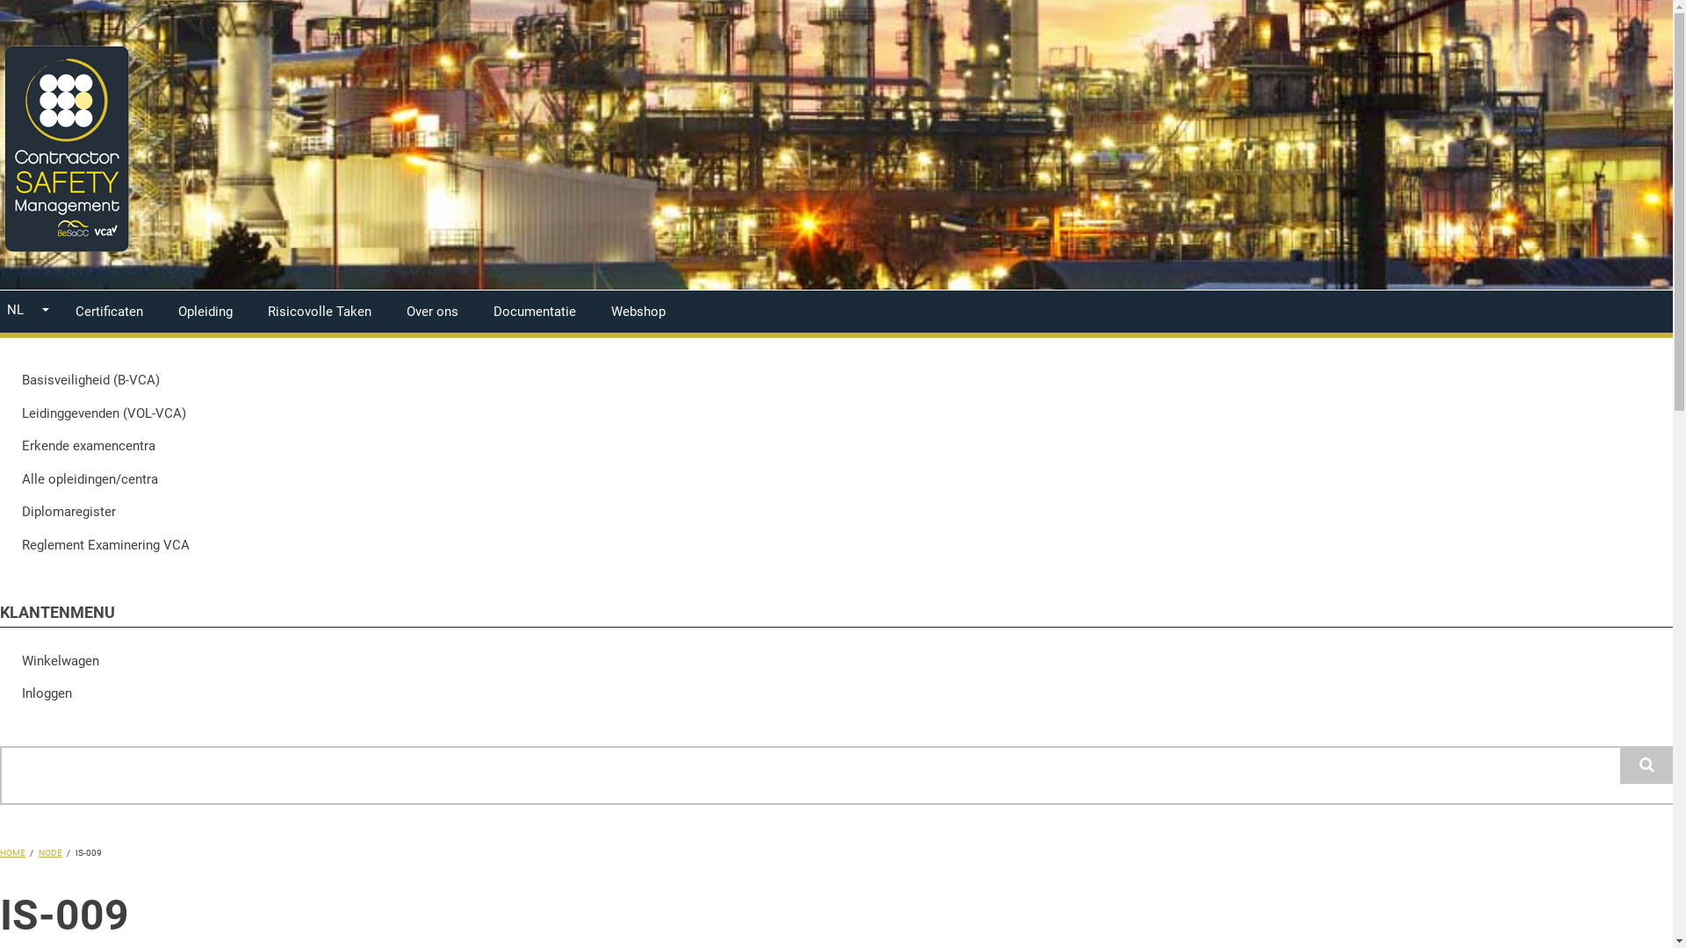  What do you see at coordinates (432, 310) in the screenshot?
I see `'Over ons'` at bounding box center [432, 310].